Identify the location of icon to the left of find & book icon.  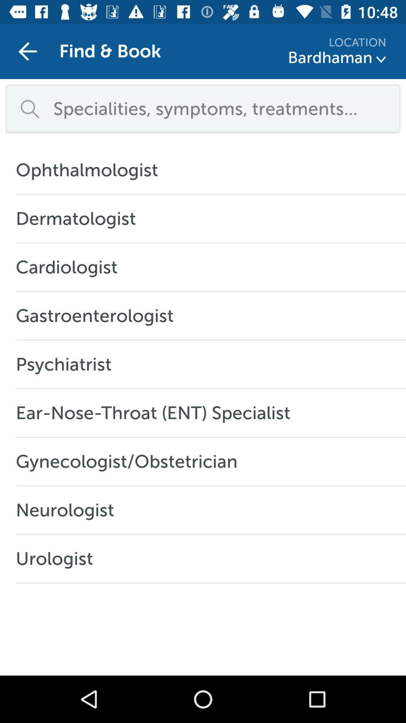
(27, 51).